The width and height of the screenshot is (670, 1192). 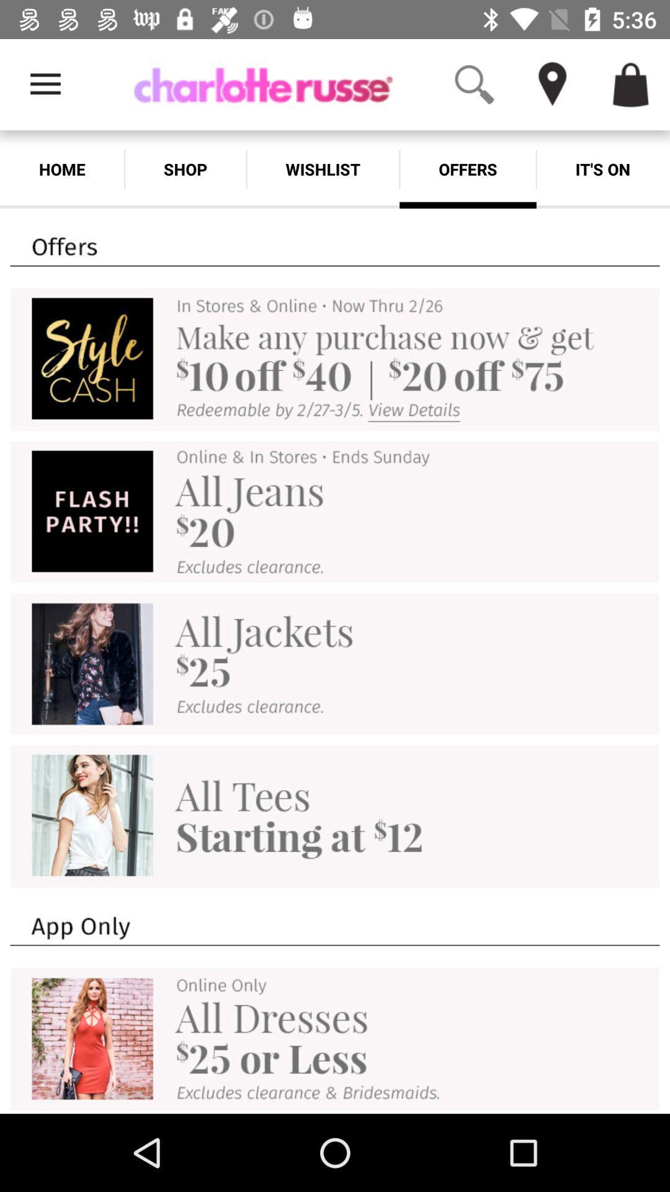 What do you see at coordinates (185, 169) in the screenshot?
I see `the shop item` at bounding box center [185, 169].